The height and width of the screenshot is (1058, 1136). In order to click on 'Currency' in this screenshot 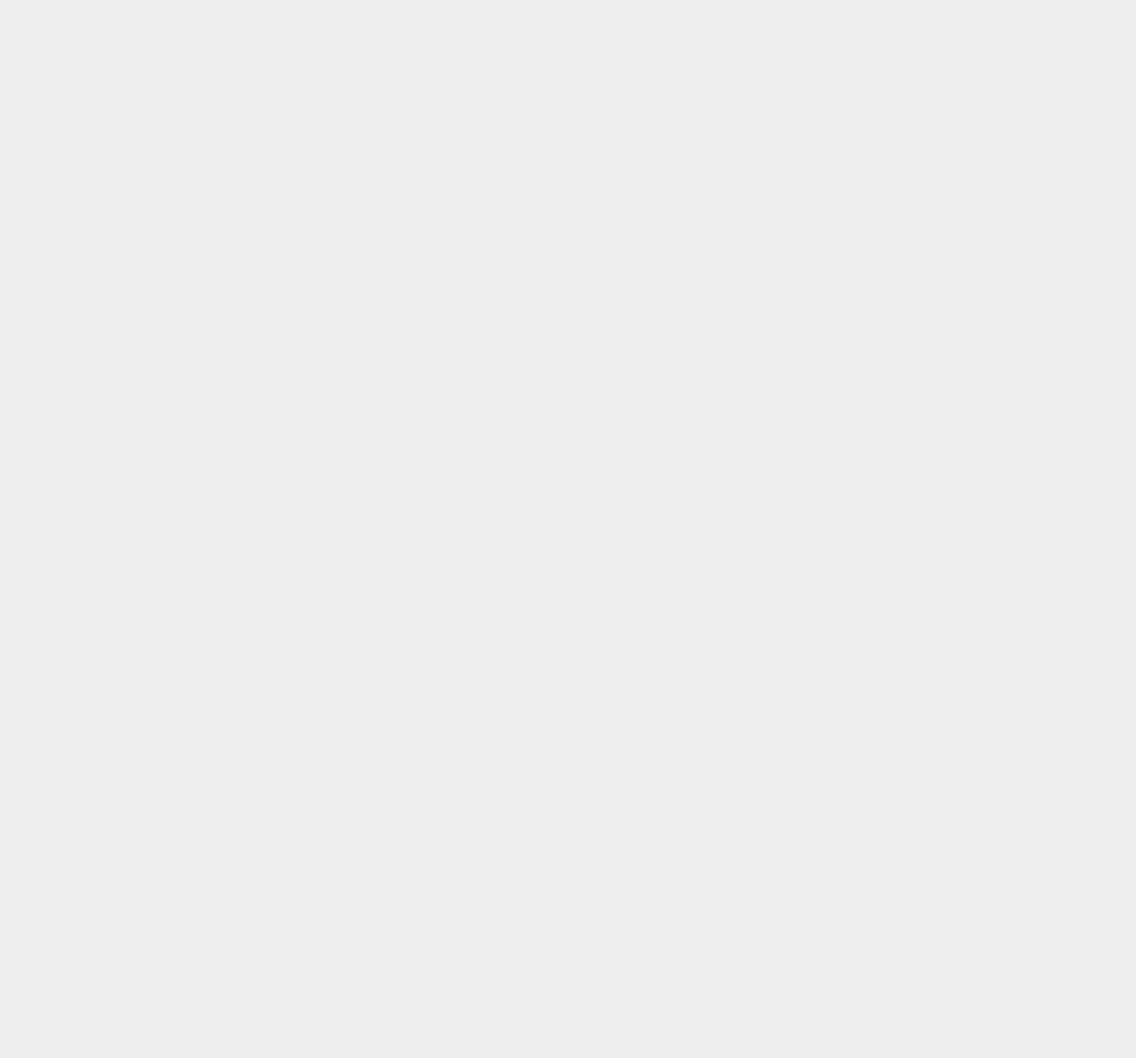, I will do `click(802, 366)`.